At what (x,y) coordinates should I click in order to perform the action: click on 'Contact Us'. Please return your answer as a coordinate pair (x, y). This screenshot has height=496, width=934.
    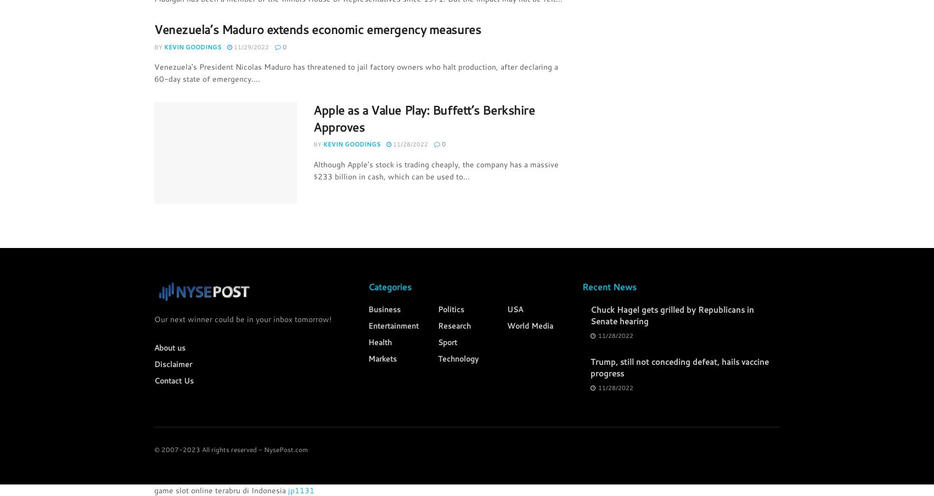
    Looking at the image, I should click on (174, 380).